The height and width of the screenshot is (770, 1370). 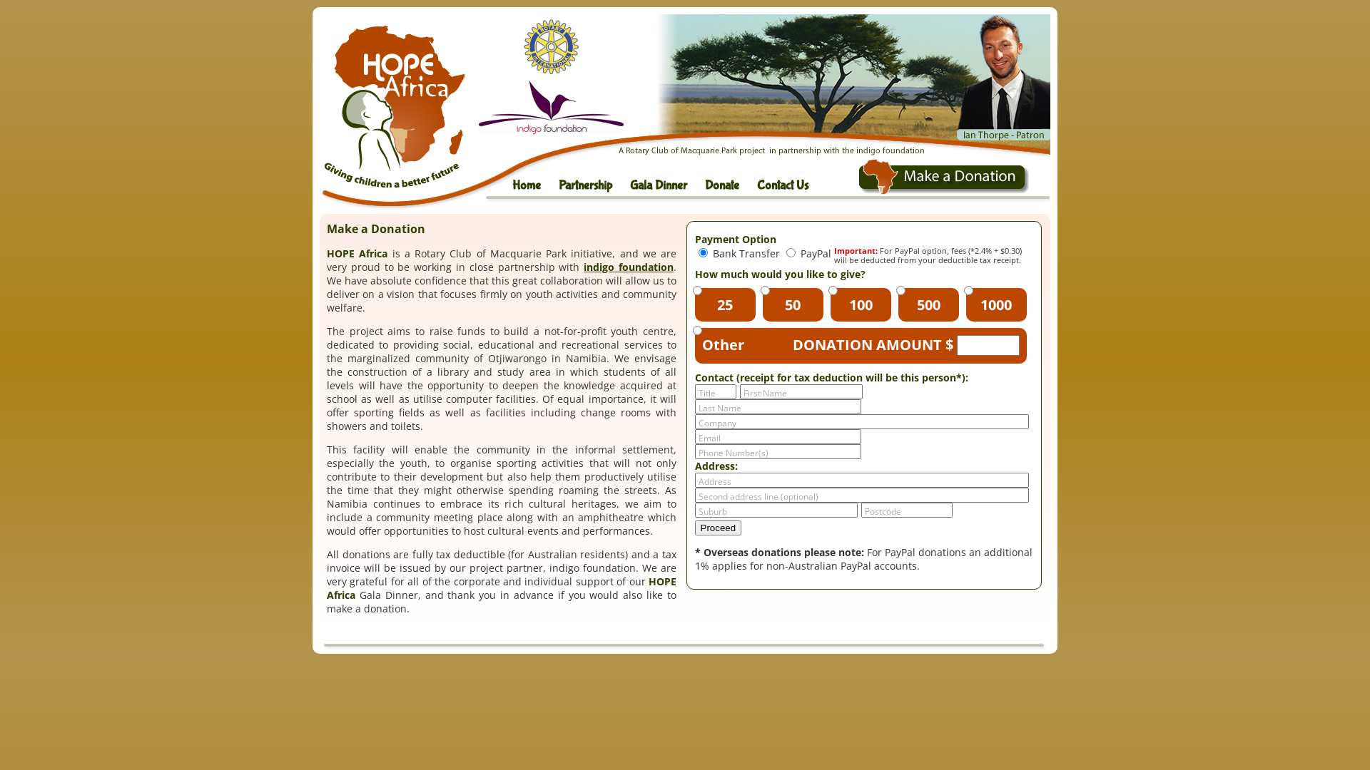 I want to click on 'Home', so click(x=534, y=181).